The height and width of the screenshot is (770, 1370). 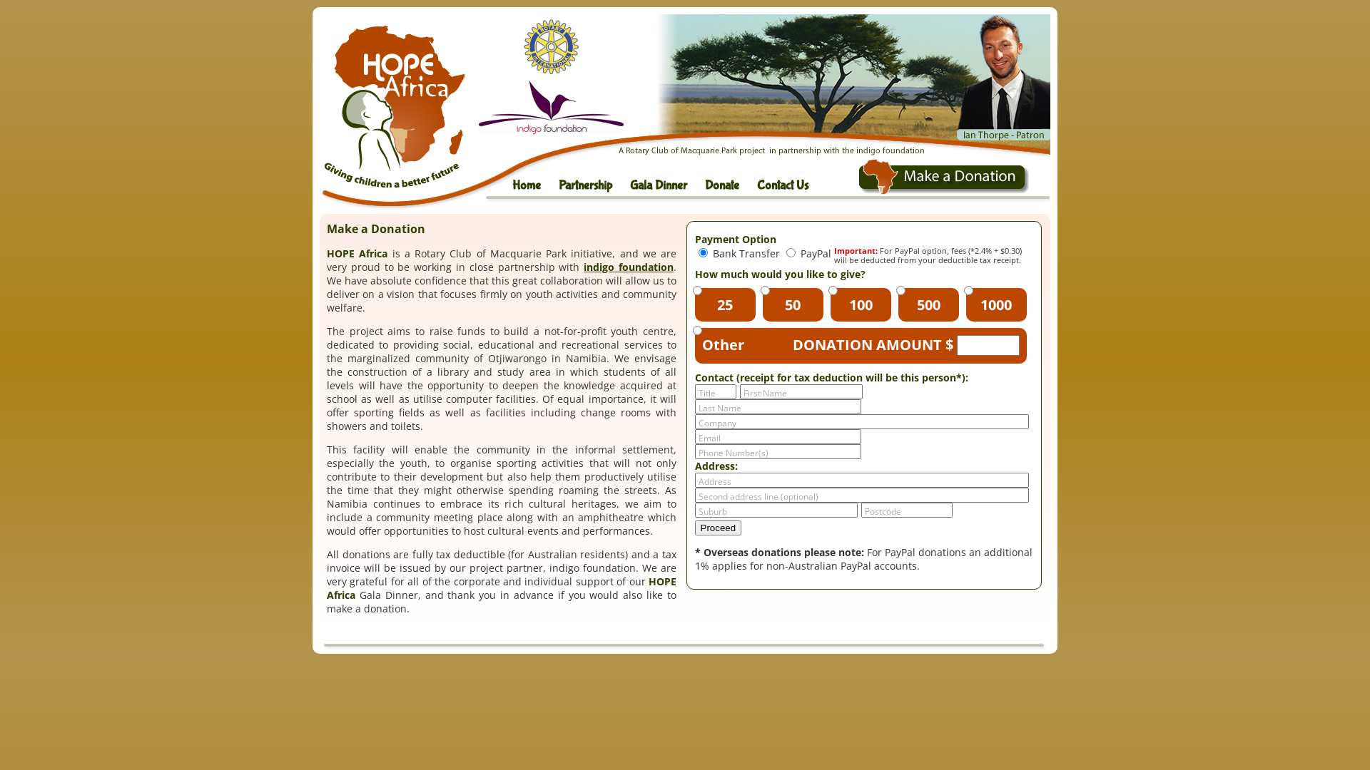 I want to click on 'Home', so click(x=534, y=181).